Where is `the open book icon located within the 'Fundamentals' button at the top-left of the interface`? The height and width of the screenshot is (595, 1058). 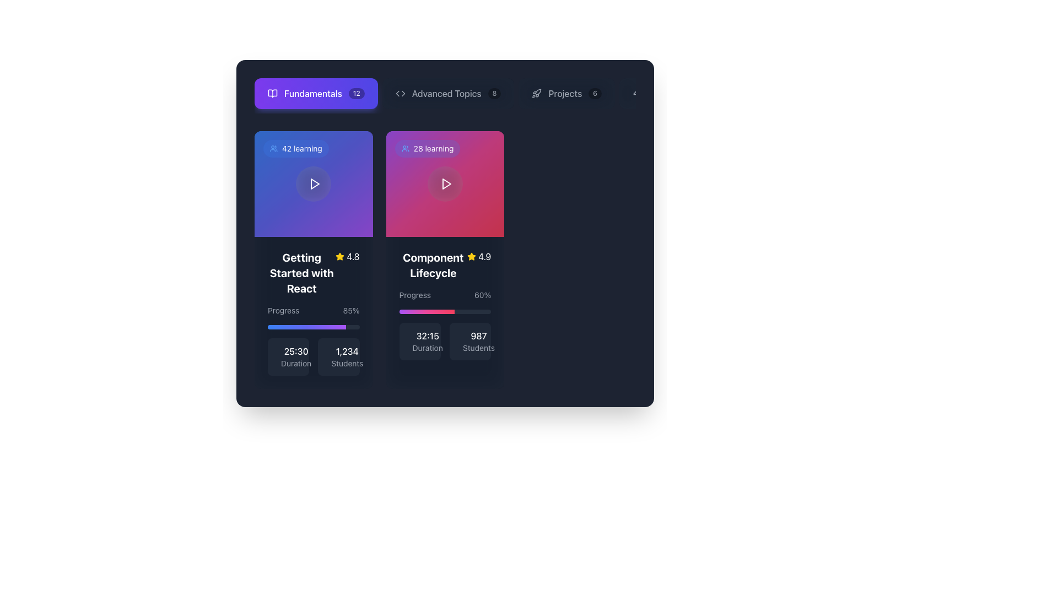
the open book icon located within the 'Fundamentals' button at the top-left of the interface is located at coordinates (272, 93).